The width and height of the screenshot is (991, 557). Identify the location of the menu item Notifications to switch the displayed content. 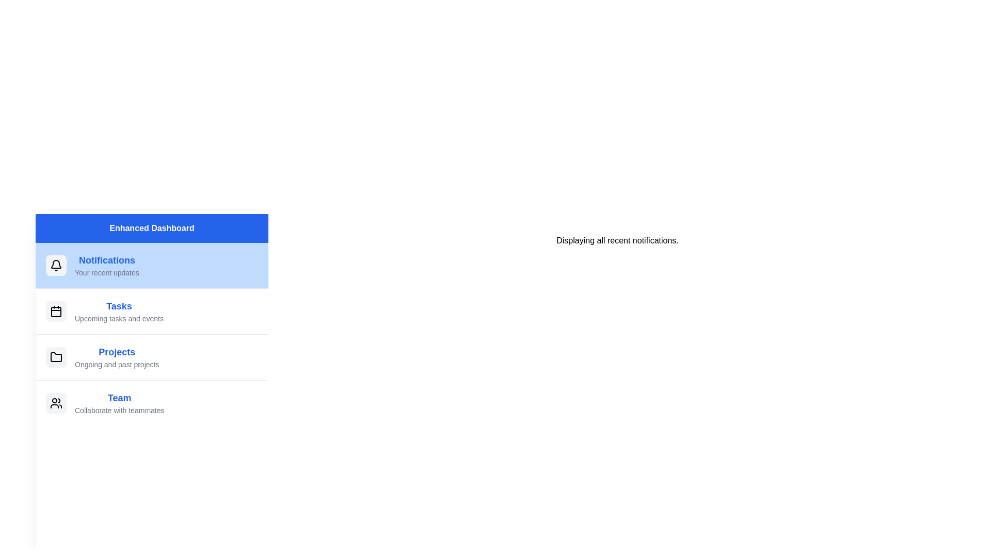
(151, 265).